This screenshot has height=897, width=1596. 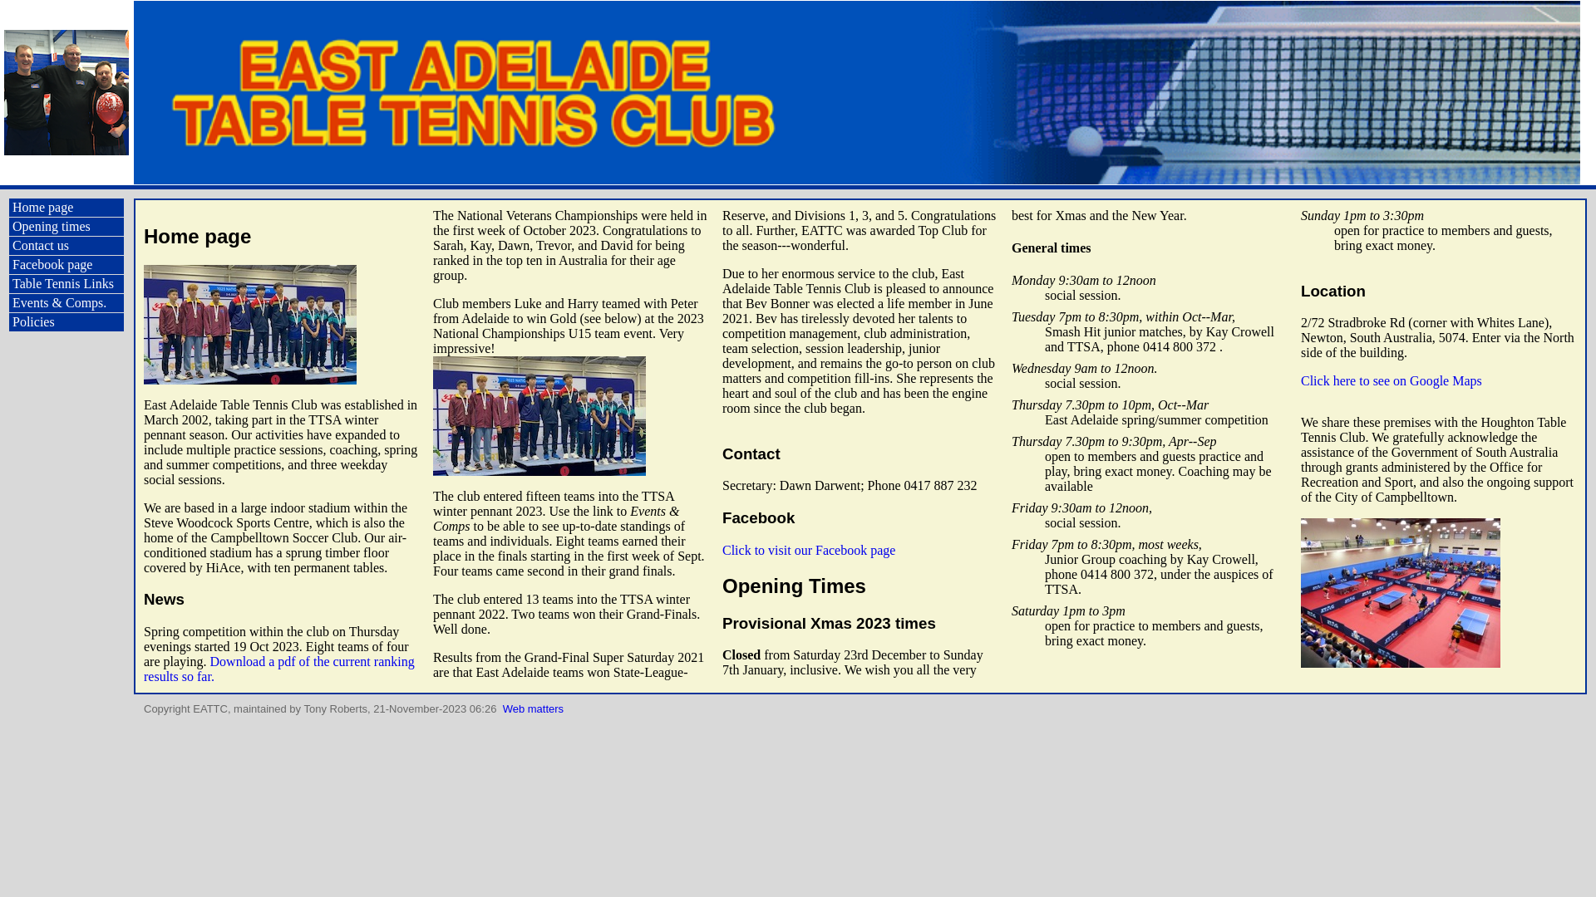 What do you see at coordinates (66, 264) in the screenshot?
I see `'Facebook page'` at bounding box center [66, 264].